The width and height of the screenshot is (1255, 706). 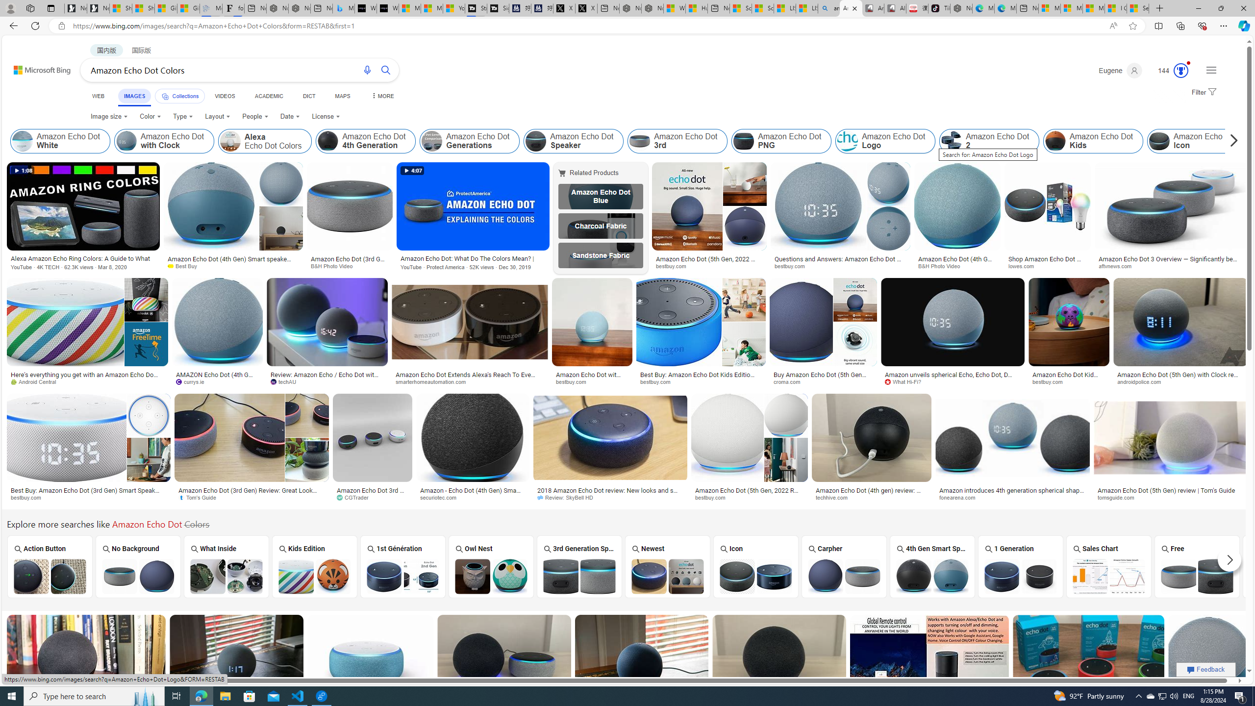 What do you see at coordinates (568, 497) in the screenshot?
I see `'Review: SkyBell HD'` at bounding box center [568, 497].